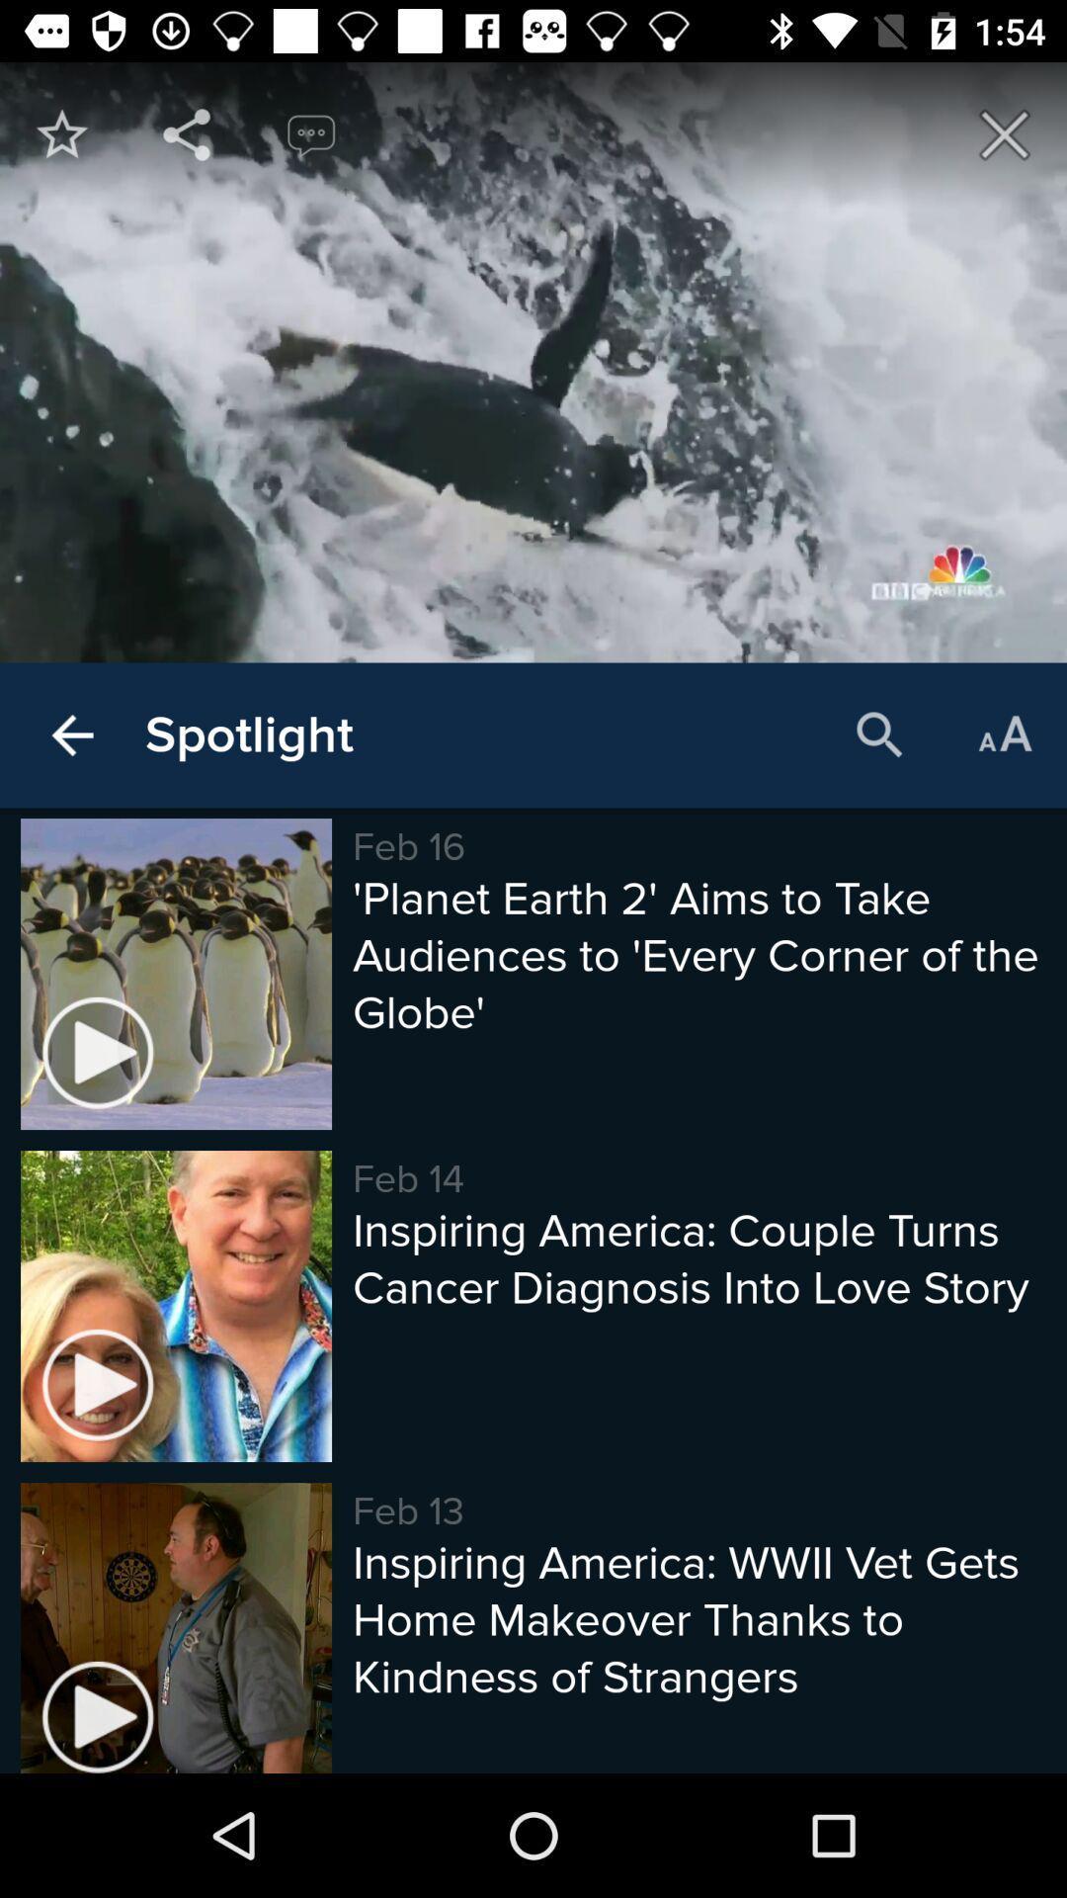 The width and height of the screenshot is (1067, 1898). I want to click on item next to spotlight item, so click(71, 734).